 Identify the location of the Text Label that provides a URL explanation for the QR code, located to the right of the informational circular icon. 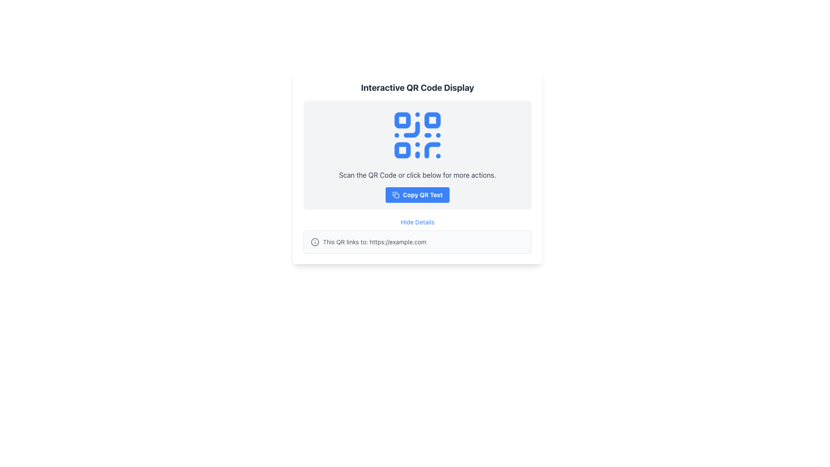
(374, 242).